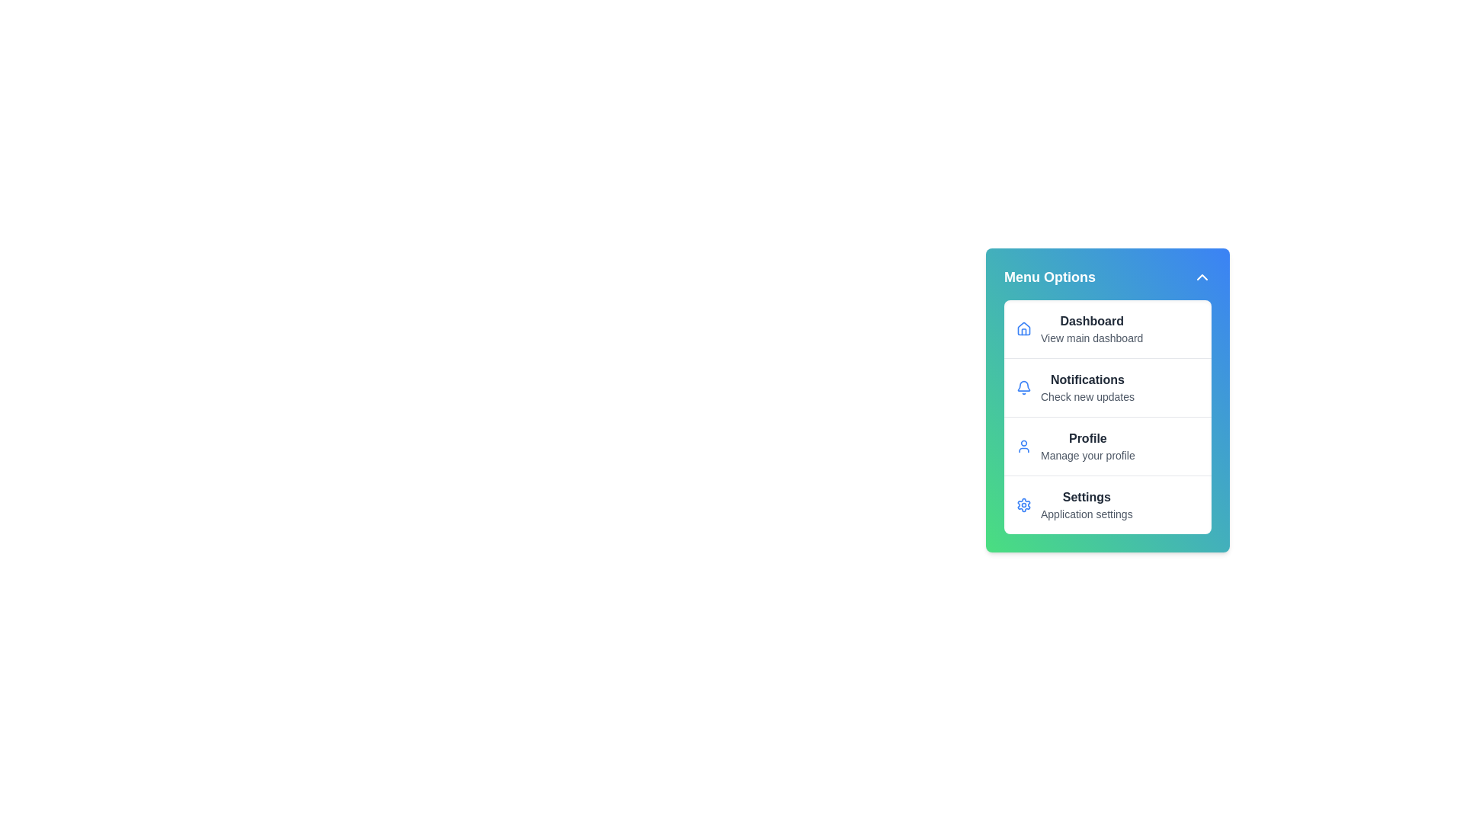  I want to click on the menu item corresponding to Settings, so click(1108, 504).